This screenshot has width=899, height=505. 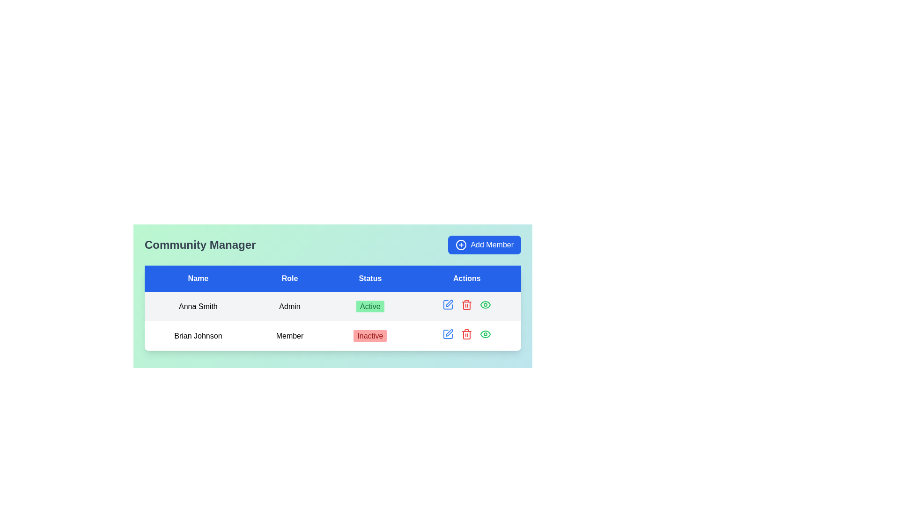 I want to click on the edit icon represented as a square with a pen symbol in the Actions column of the second row in the members table, so click(x=448, y=333).